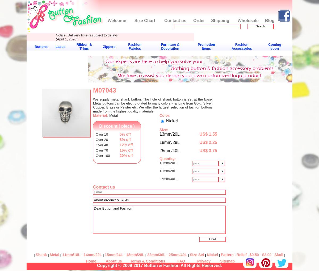 This screenshot has height=271, width=319. What do you see at coordinates (169, 142) in the screenshot?
I see `'18mm/28L'` at bounding box center [169, 142].